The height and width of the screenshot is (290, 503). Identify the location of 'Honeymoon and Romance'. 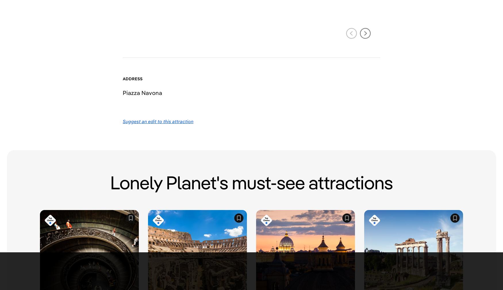
(320, 168).